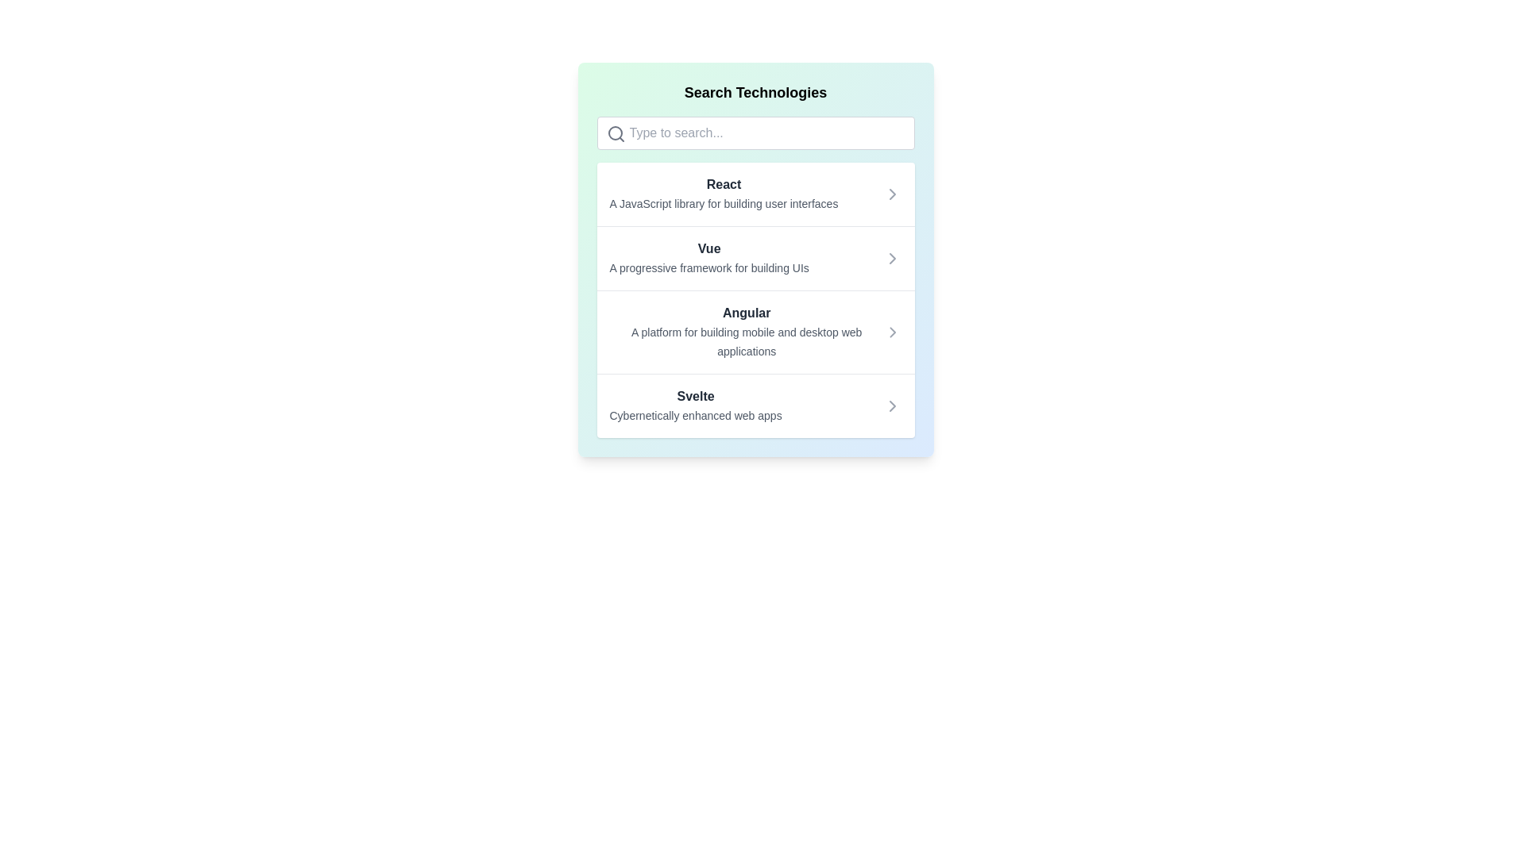  What do you see at coordinates (696, 415) in the screenshot?
I see `the static text element that provides additional context for the item labeled 'Svelte', located directly below the title 'Svelte' in a light-colored rectangular interface` at bounding box center [696, 415].